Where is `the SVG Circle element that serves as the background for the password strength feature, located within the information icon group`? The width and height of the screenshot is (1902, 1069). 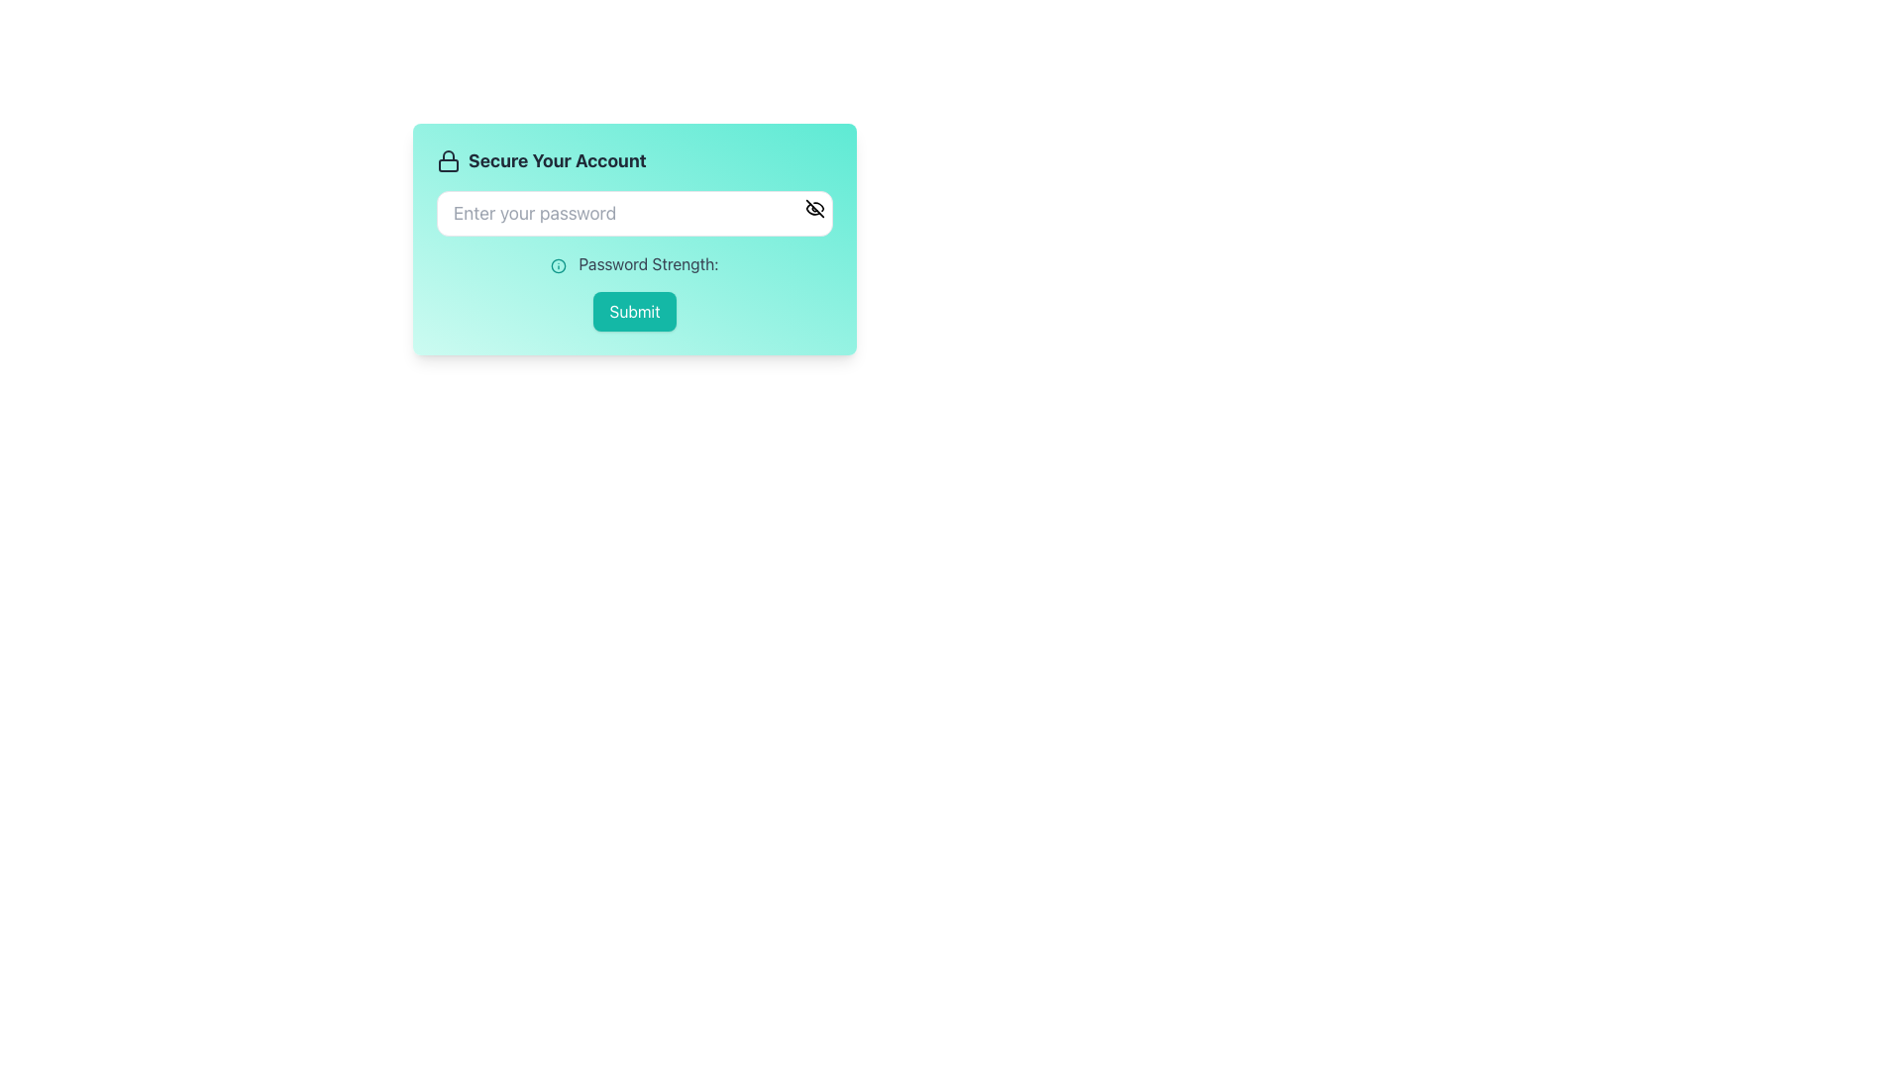
the SVG Circle element that serves as the background for the password strength feature, located within the information icon group is located at coordinates (558, 264).